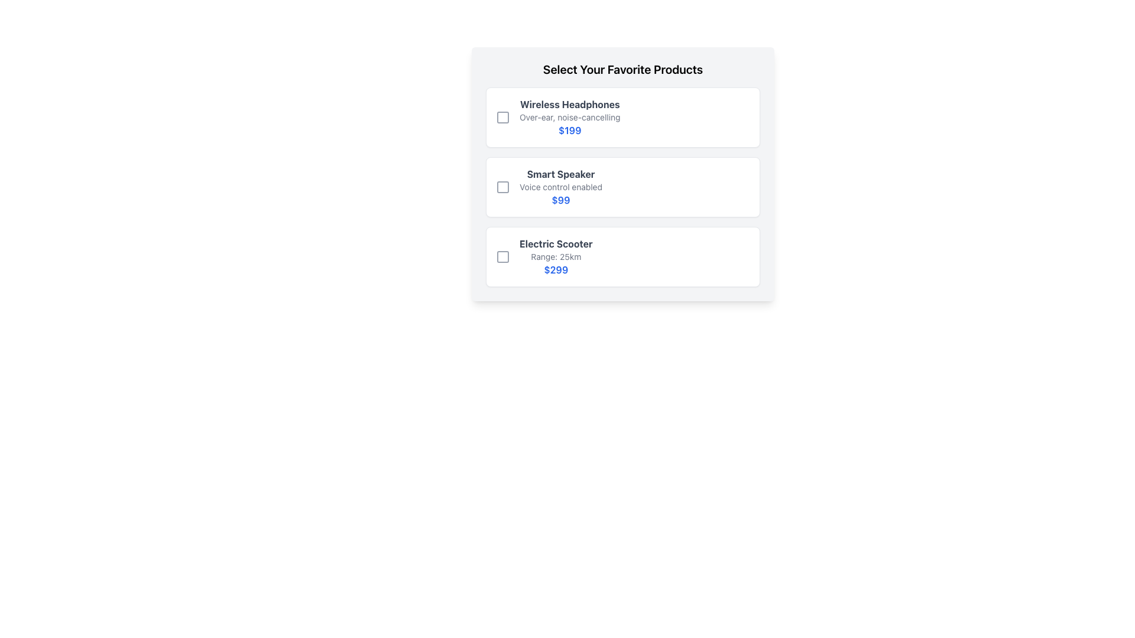 The width and height of the screenshot is (1135, 638). What do you see at coordinates (555, 269) in the screenshot?
I see `price value displayed as '$299' in bold, blue font, which is located below the text 'Range: 25km' in the product option section for 'Electric Scooter.'` at bounding box center [555, 269].